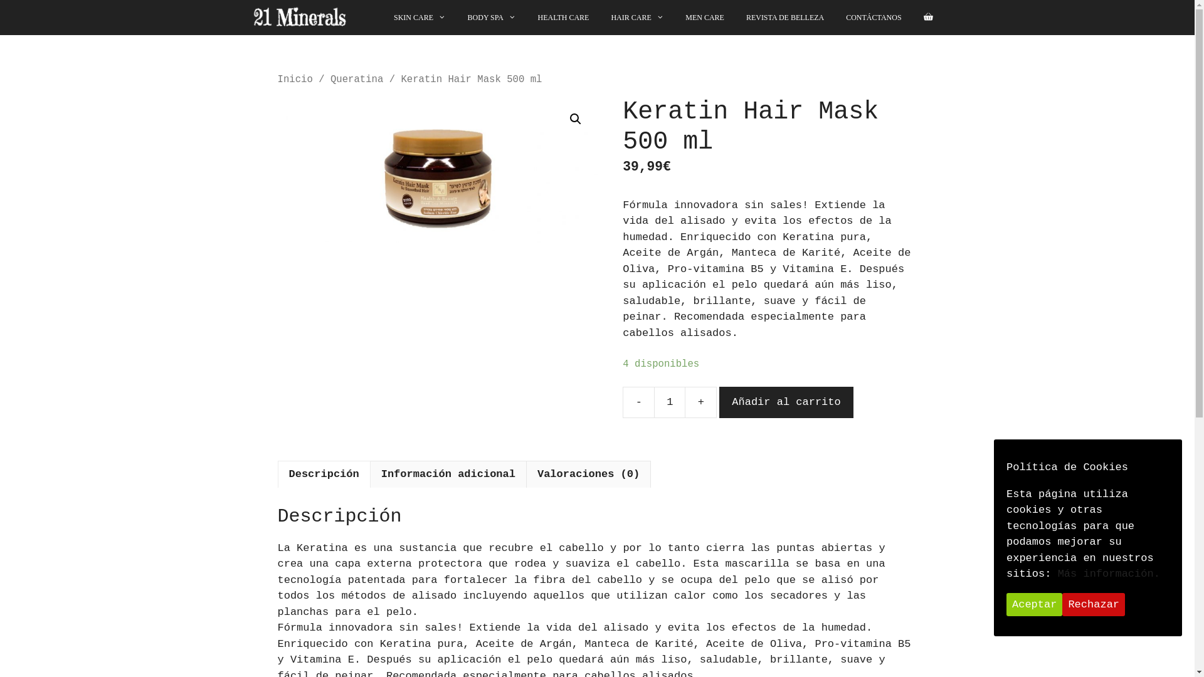 Image resolution: width=1204 pixels, height=677 pixels. What do you see at coordinates (588, 475) in the screenshot?
I see `'Valoraciones (0)'` at bounding box center [588, 475].